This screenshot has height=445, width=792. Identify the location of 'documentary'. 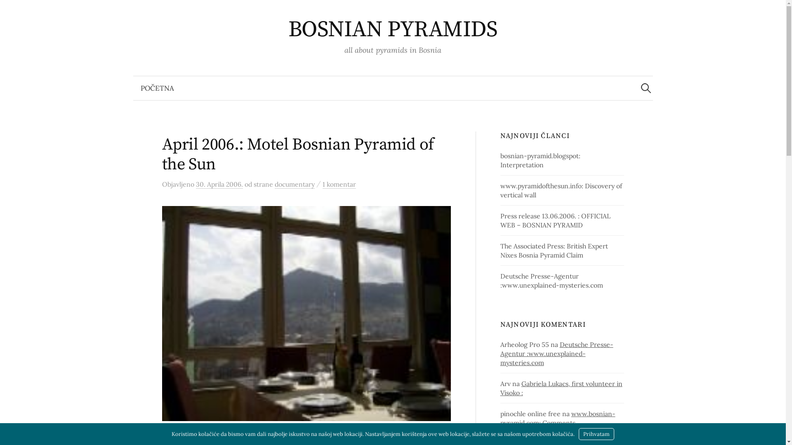
(275, 184).